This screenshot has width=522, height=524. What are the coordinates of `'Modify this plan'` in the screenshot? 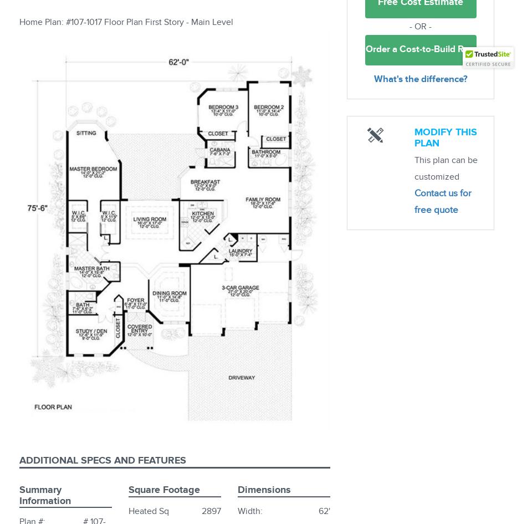 It's located at (445, 136).